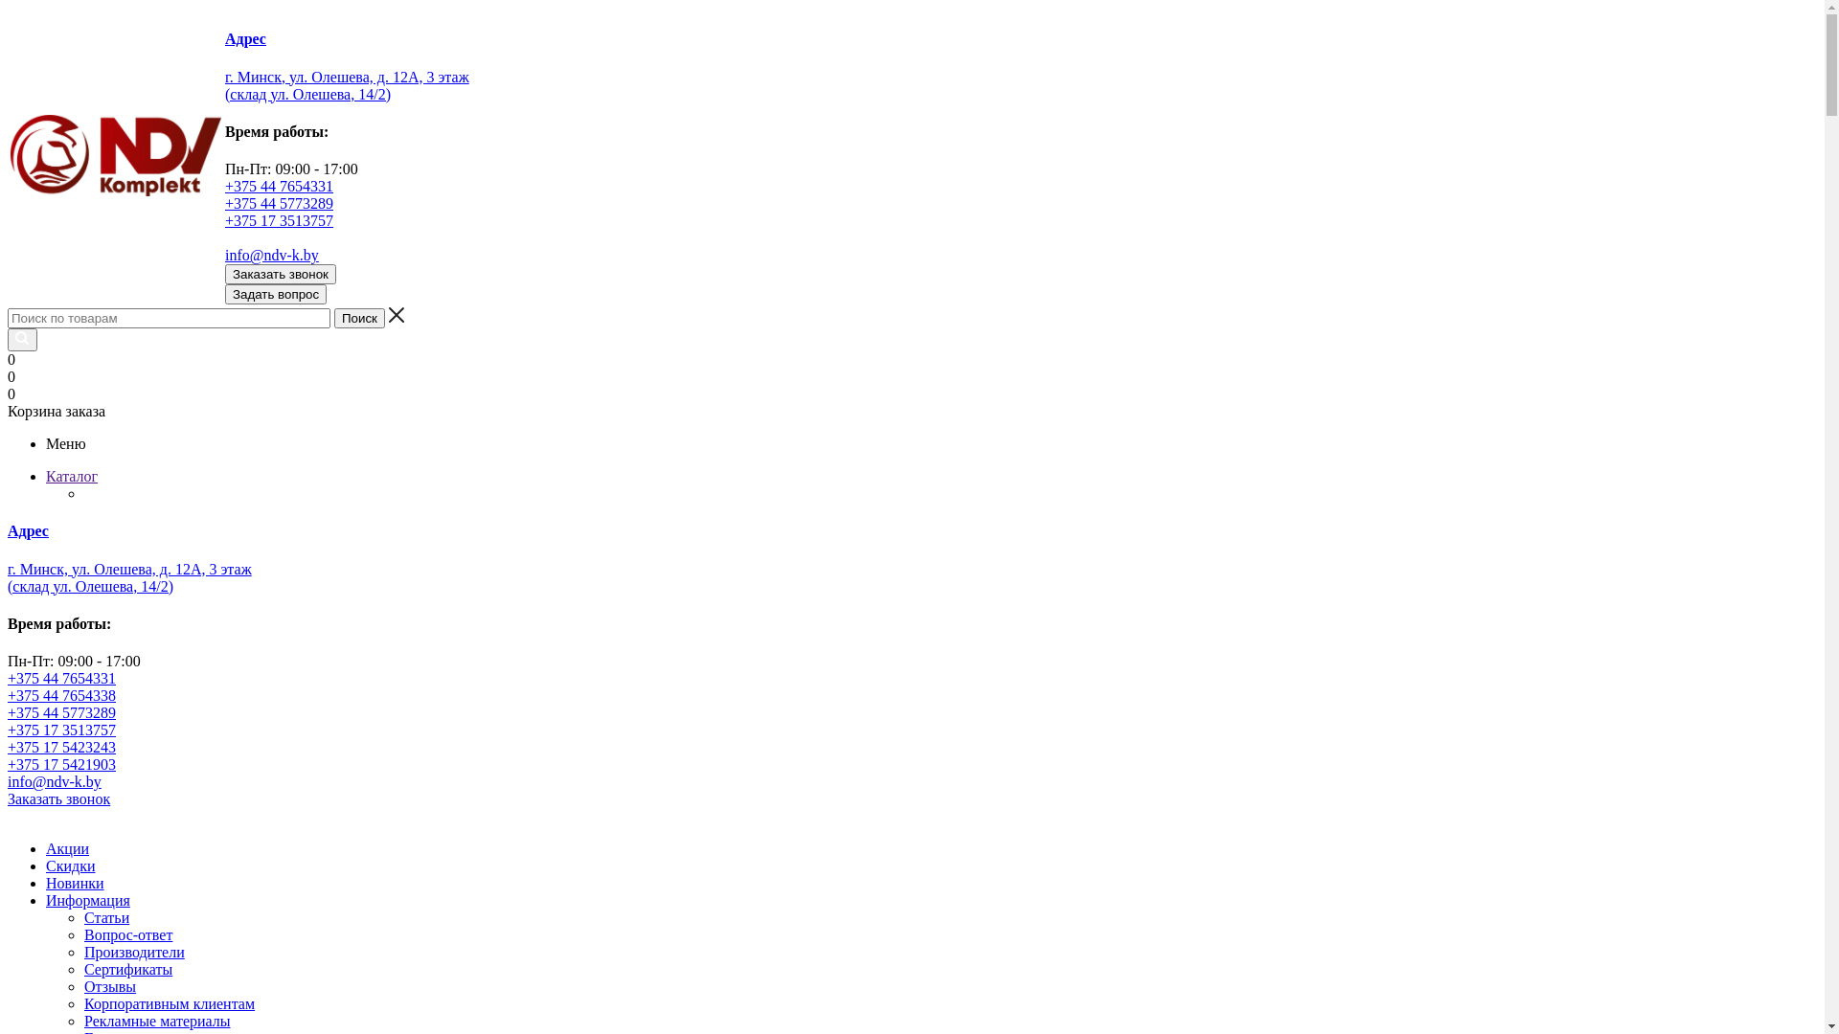 This screenshot has width=1839, height=1034. I want to click on '+375 44 5773289', so click(225, 203).